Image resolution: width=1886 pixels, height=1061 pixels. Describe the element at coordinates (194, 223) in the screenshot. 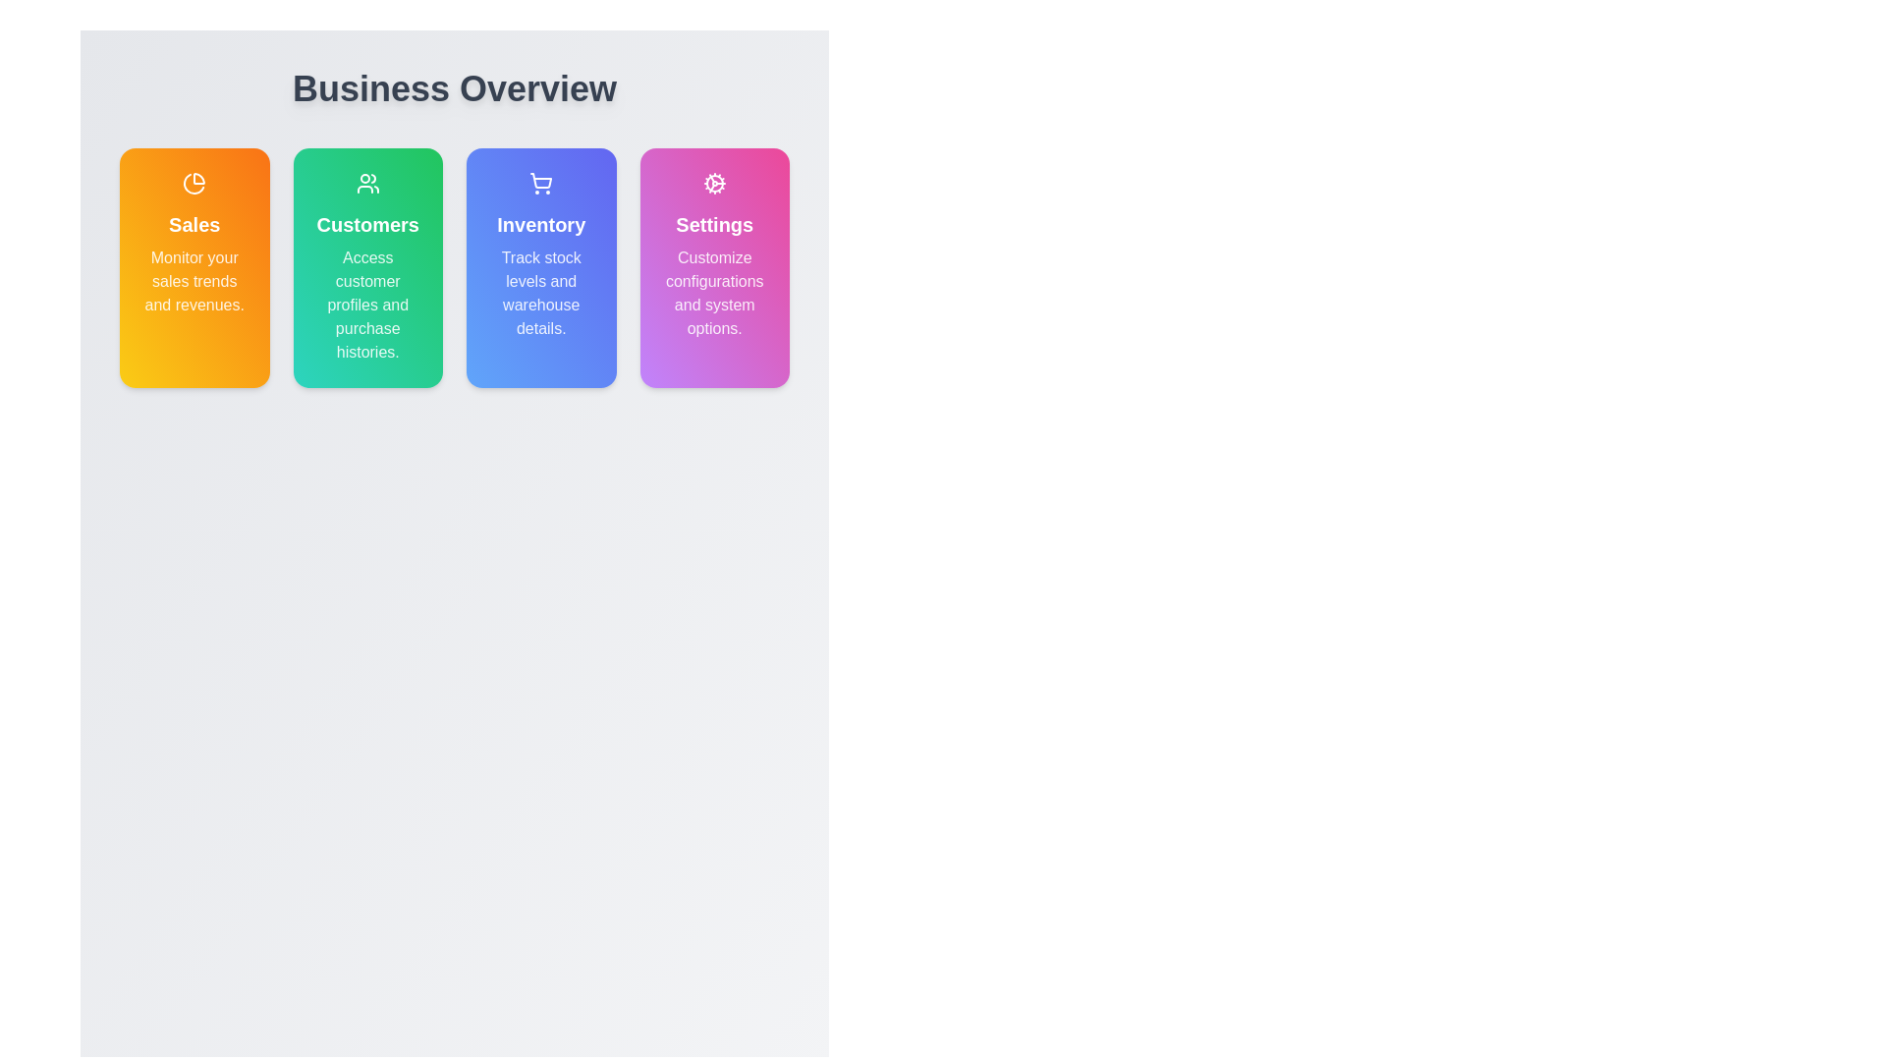

I see `text label displaying 'Sales' in bold white font on an orange background, located centrally in the first orange card` at that location.